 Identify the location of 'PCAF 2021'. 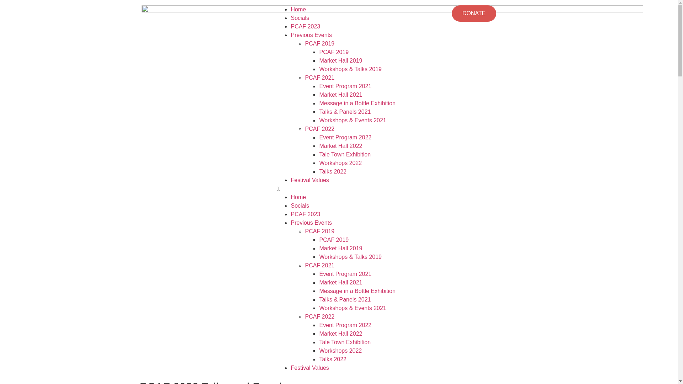
(319, 78).